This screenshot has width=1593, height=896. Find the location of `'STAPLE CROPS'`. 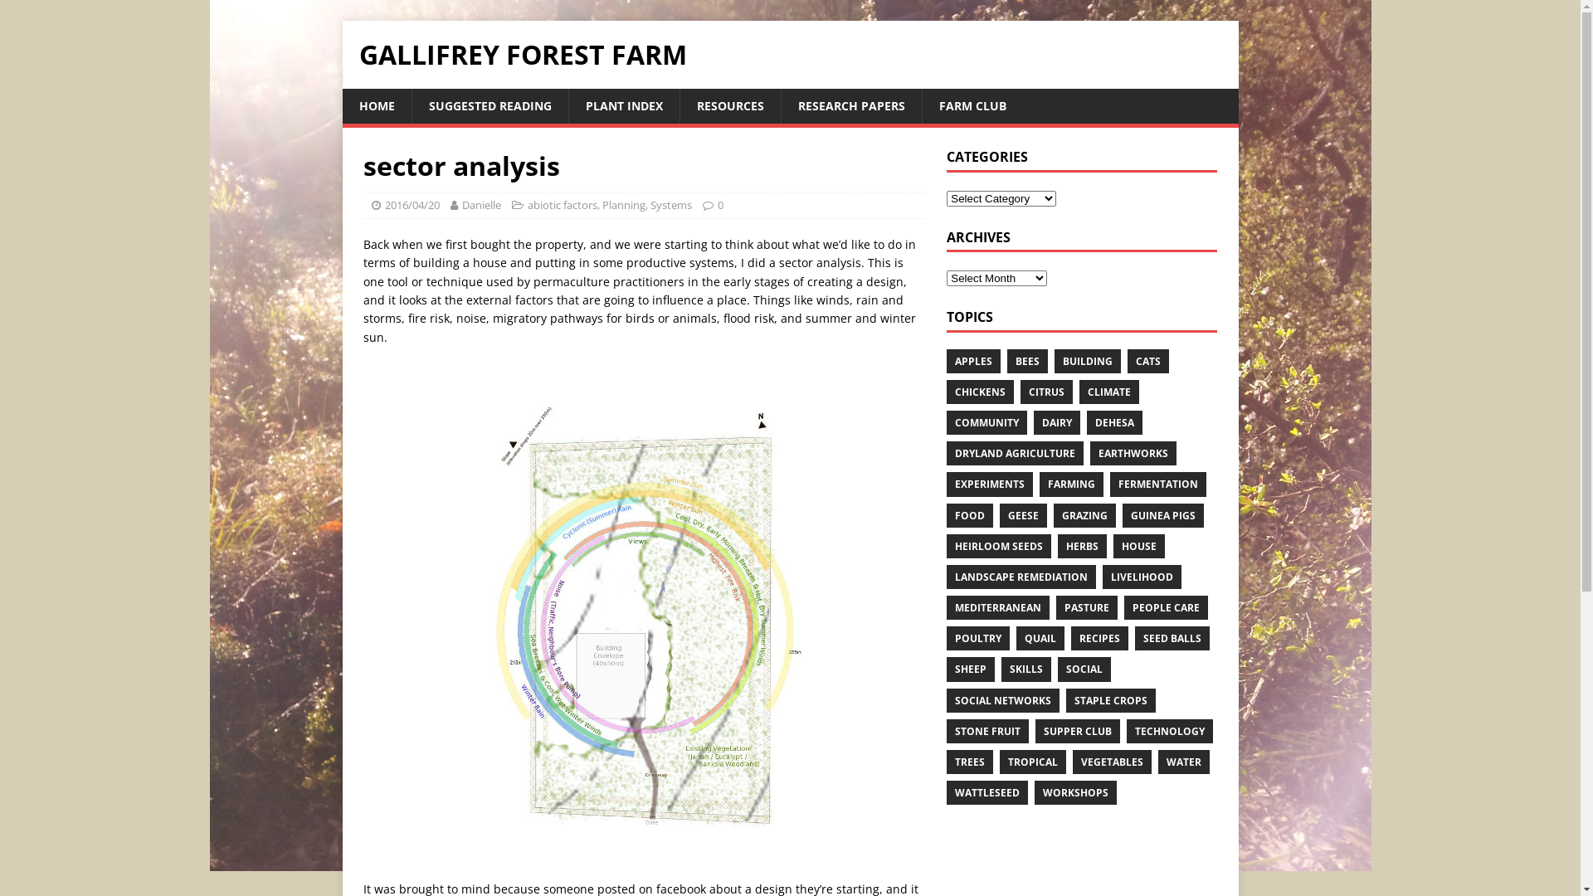

'STAPLE CROPS' is located at coordinates (1111, 700).